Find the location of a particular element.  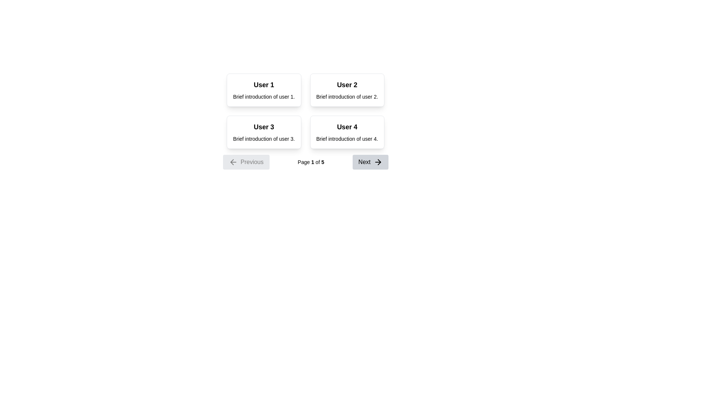

the 'Previous' button, which has a gray background, rounded corners, and contains an arrow icon pointing left followed by the text 'Previous'. It is located at the leftmost part of the navigation component is located at coordinates (246, 162).